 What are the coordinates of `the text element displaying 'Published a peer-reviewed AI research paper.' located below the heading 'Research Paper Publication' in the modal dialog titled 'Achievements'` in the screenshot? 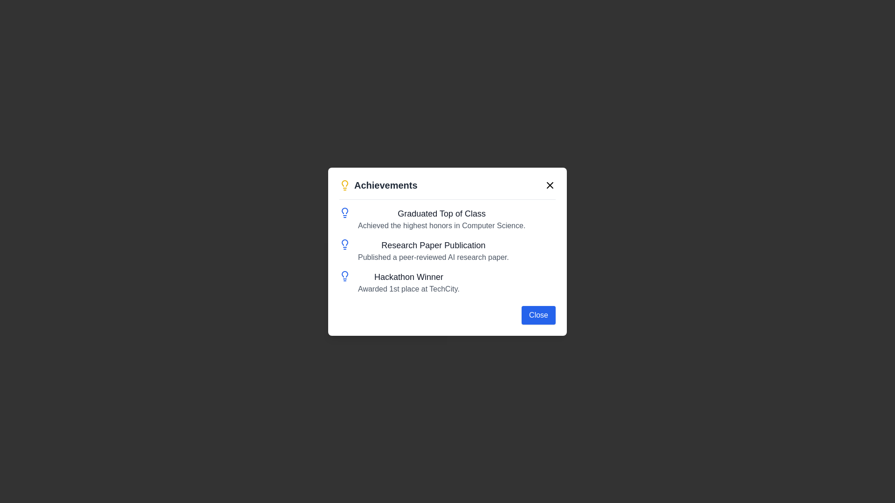 It's located at (433, 257).